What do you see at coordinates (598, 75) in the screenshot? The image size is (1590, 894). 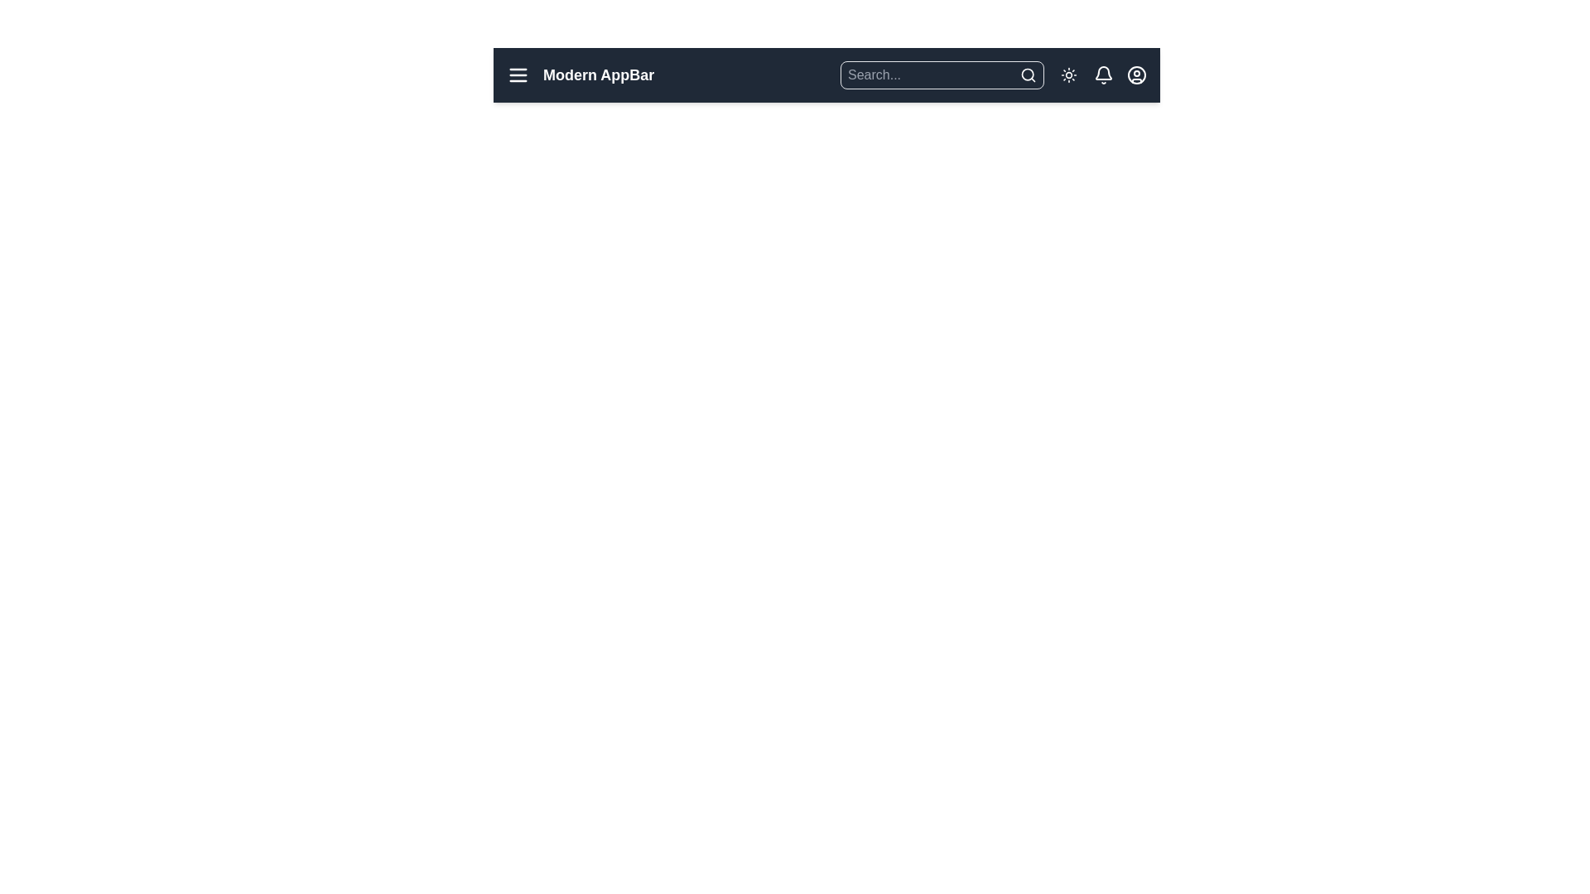 I see `the header text to select it` at bounding box center [598, 75].